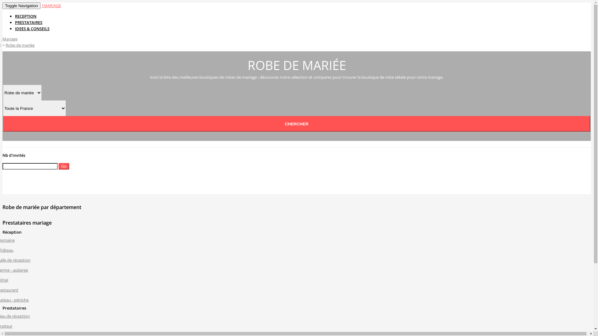 The image size is (598, 336). What do you see at coordinates (10, 39) in the screenshot?
I see `'Mariage'` at bounding box center [10, 39].